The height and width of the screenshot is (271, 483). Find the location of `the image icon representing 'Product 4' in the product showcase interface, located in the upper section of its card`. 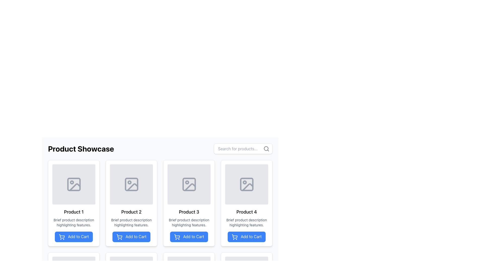

the image icon representing 'Product 4' in the product showcase interface, located in the upper section of its card is located at coordinates (247, 184).